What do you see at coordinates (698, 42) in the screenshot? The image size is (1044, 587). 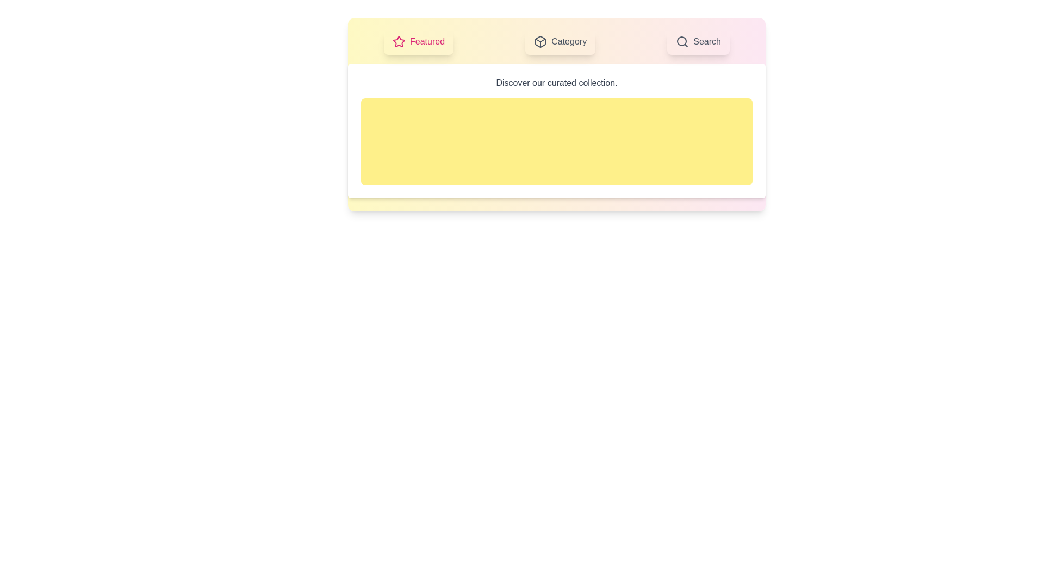 I see `the Search tab` at bounding box center [698, 42].